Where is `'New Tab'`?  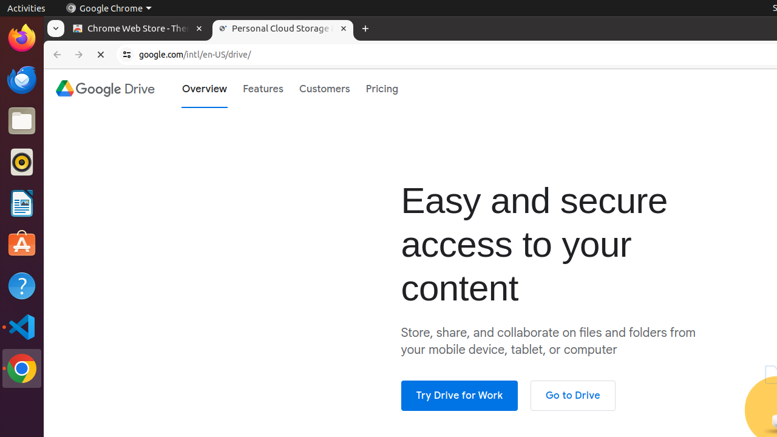 'New Tab' is located at coordinates (364, 28).